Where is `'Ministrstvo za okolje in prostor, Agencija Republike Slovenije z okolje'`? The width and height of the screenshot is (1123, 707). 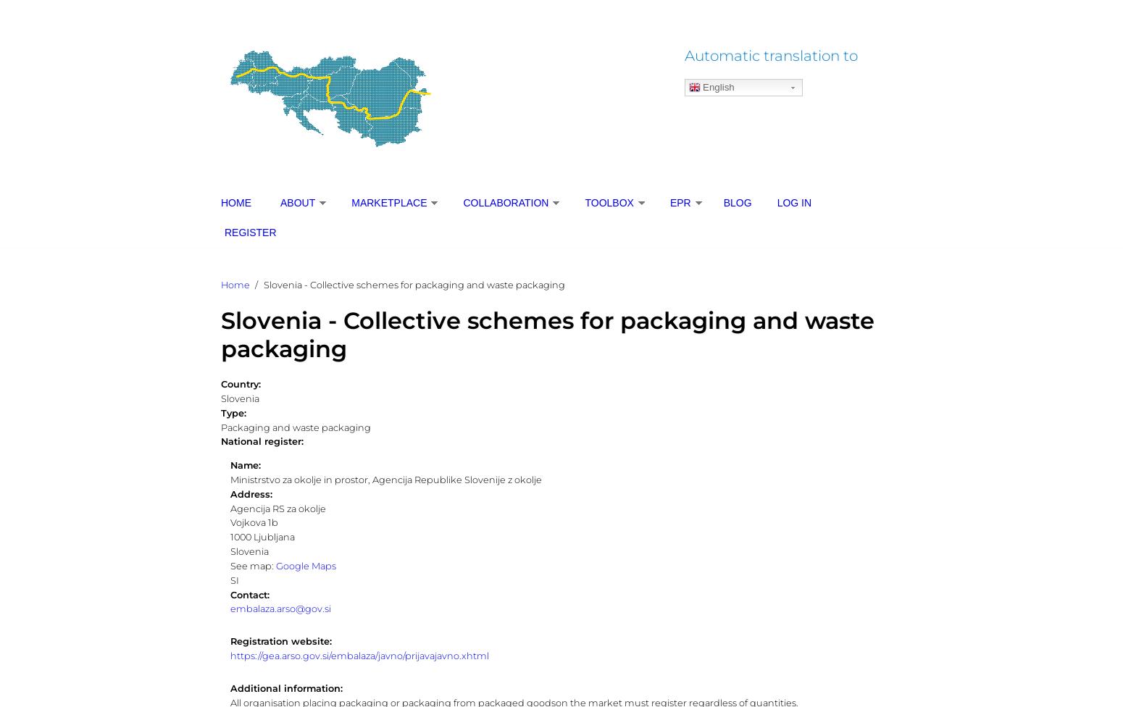 'Ministrstvo za okolje in prostor, Agencija Republike Slovenije z okolje' is located at coordinates (384, 478).